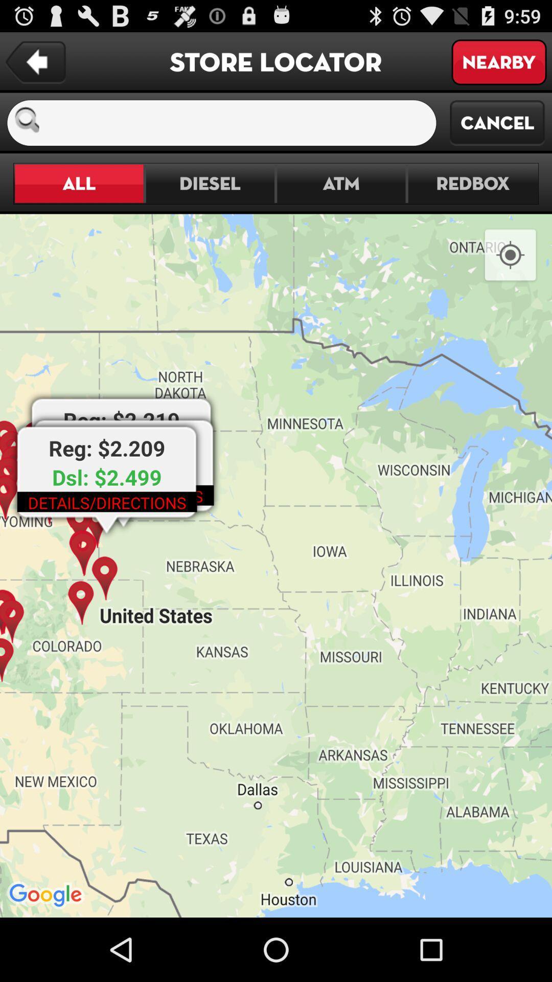 Image resolution: width=552 pixels, height=982 pixels. I want to click on the cancel, so click(497, 123).